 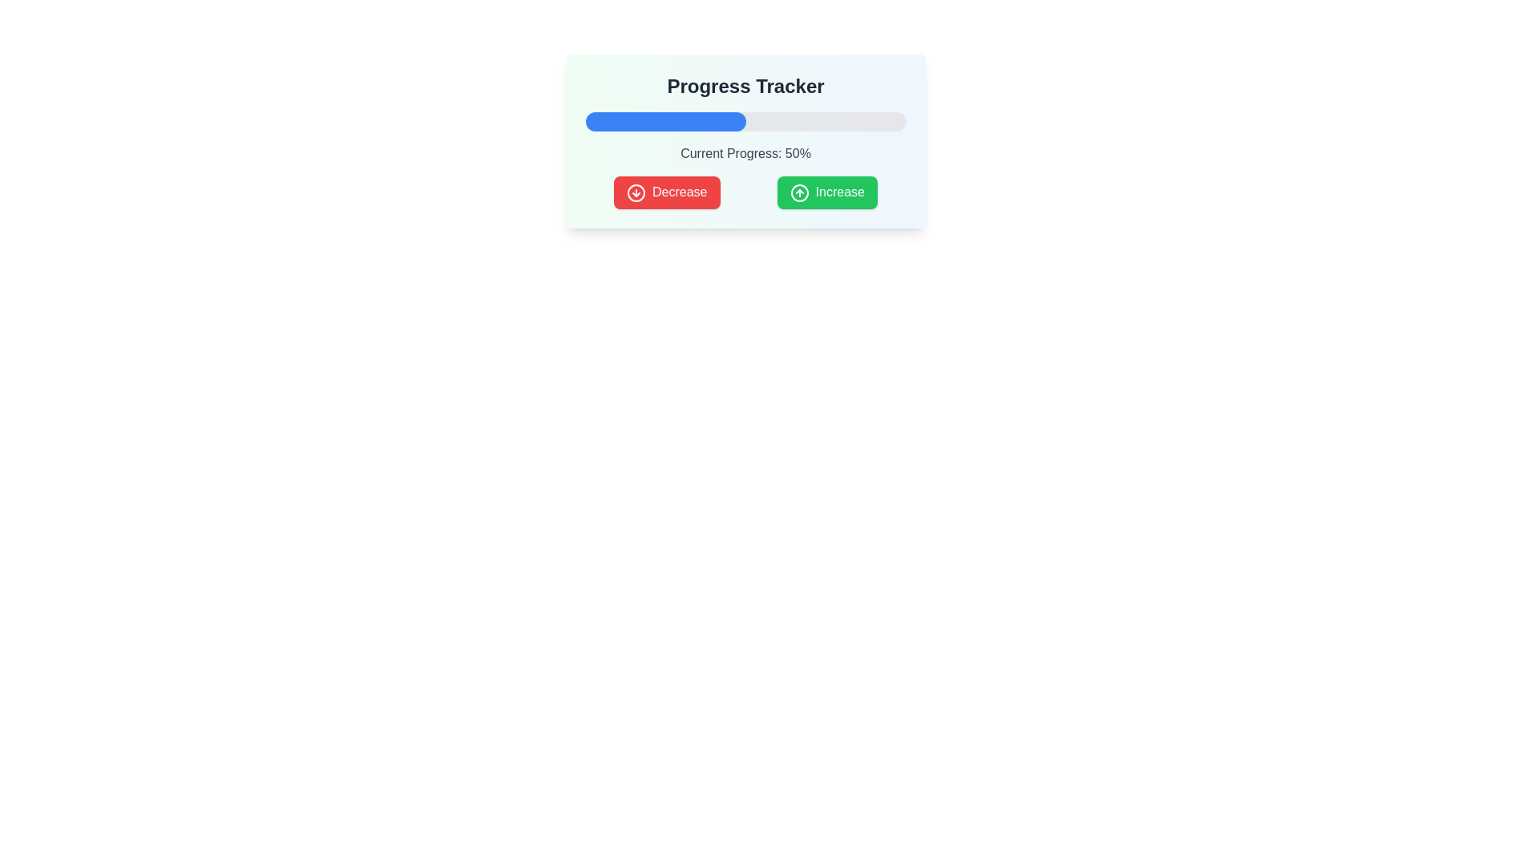 What do you see at coordinates (636, 192) in the screenshot?
I see `the decrease icon within the 'Decrease' button, which visually represents reduction and is aligned with the button's text label` at bounding box center [636, 192].